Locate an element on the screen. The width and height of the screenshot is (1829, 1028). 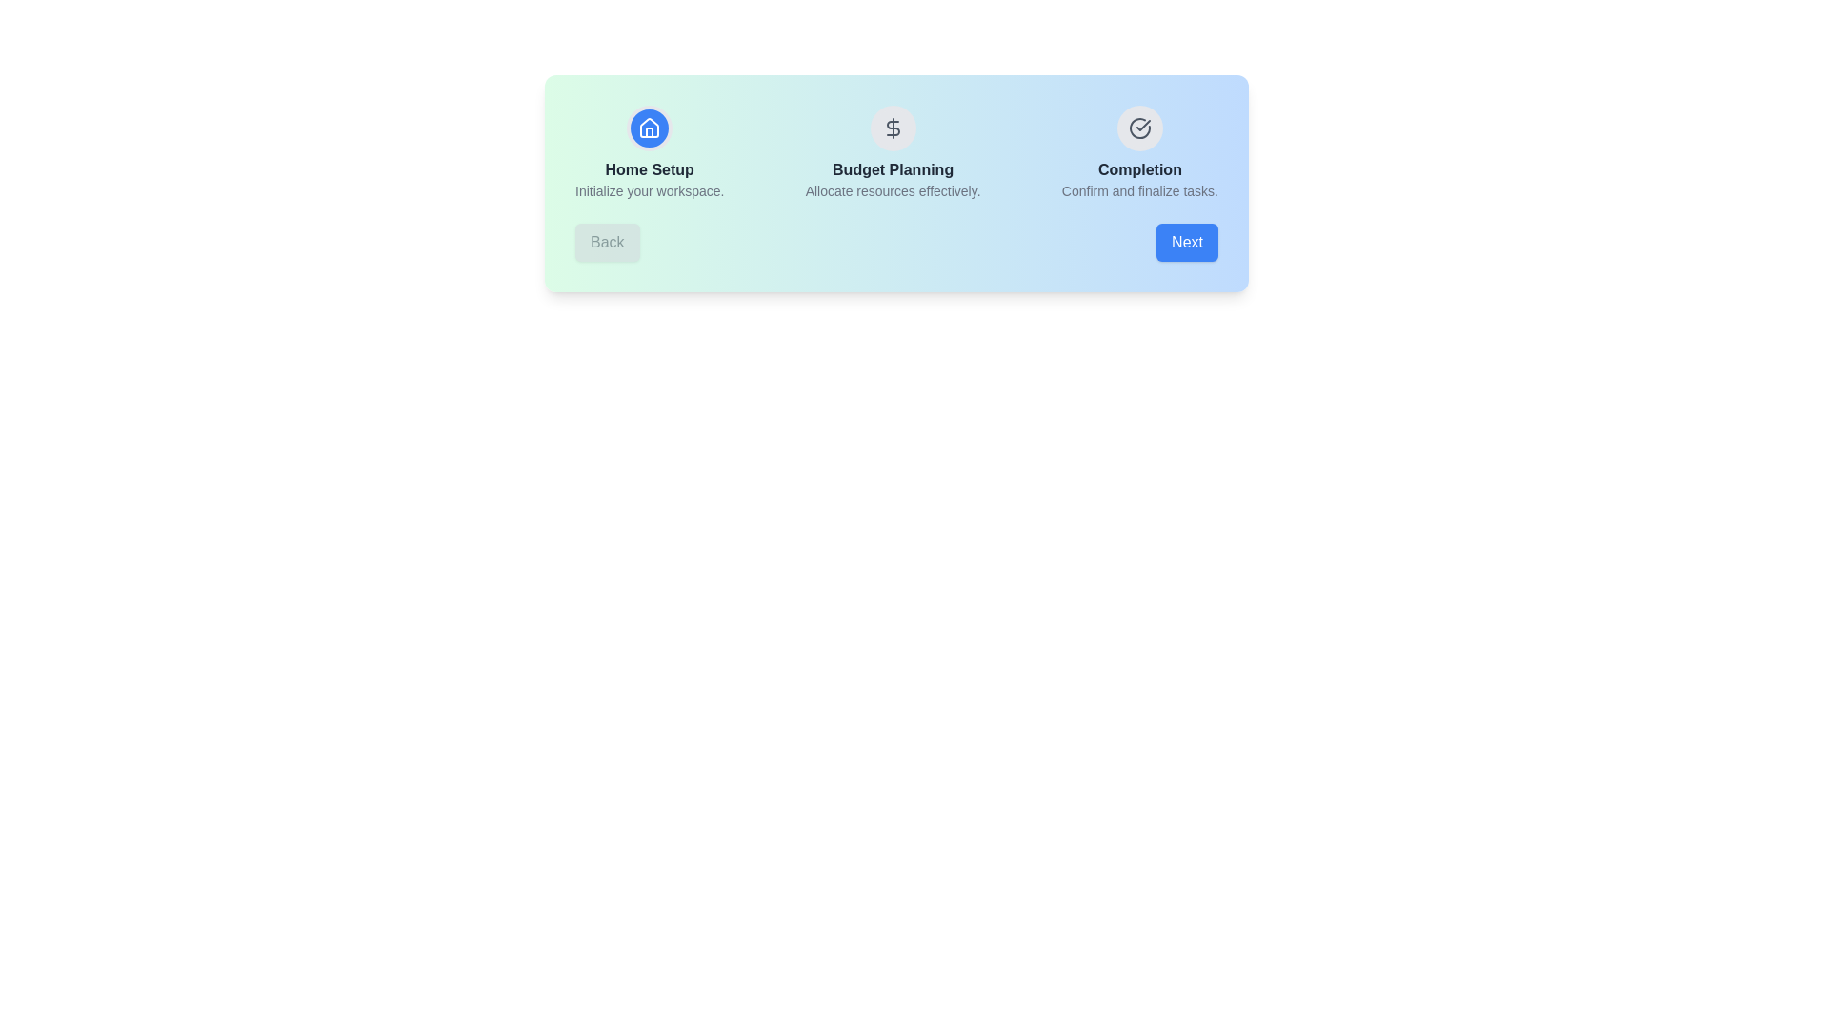
the 'Next' button to navigate to the next step in the workflow is located at coordinates (1186, 241).